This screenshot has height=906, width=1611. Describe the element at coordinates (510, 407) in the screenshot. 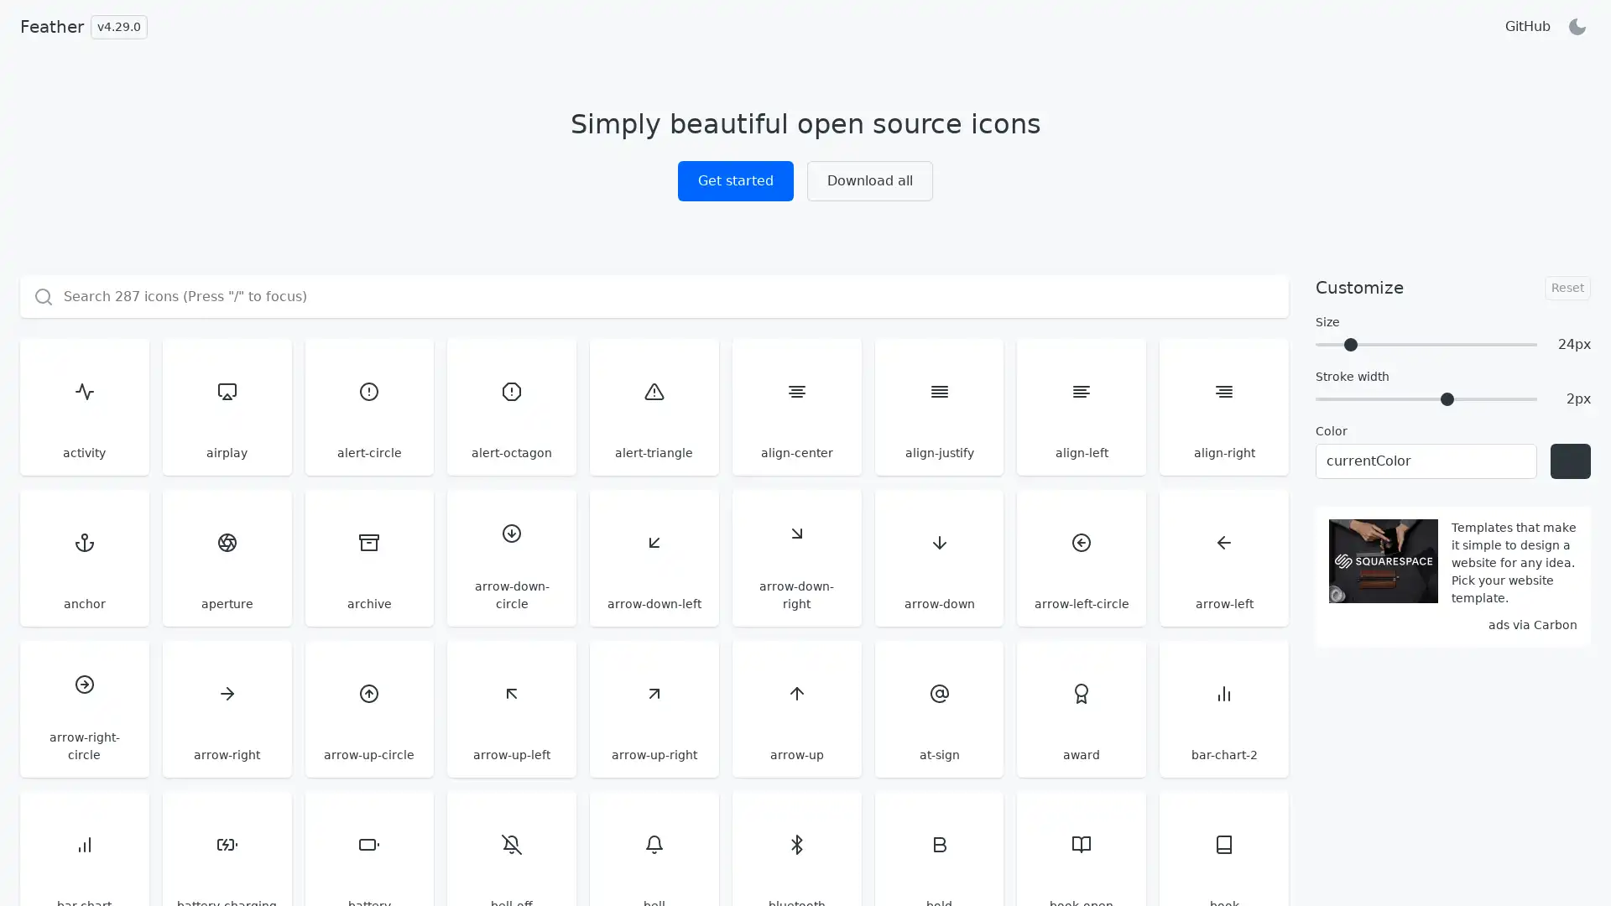

I see `alert-octagon` at that location.